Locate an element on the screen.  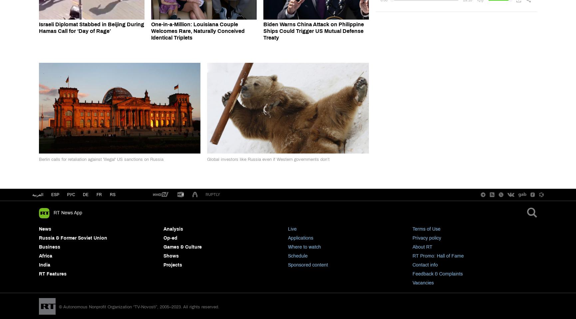
'Schedule' is located at coordinates (298, 256).